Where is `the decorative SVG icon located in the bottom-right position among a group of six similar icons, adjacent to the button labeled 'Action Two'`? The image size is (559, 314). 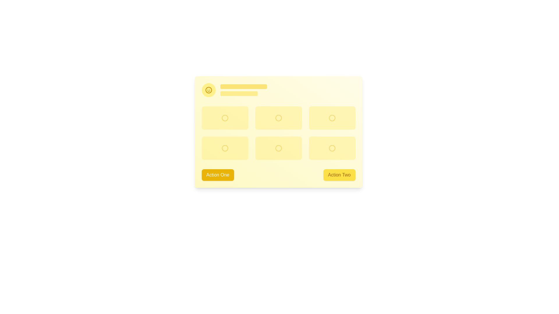 the decorative SVG icon located in the bottom-right position among a group of six similar icons, adjacent to the button labeled 'Action Two' is located at coordinates (332, 148).